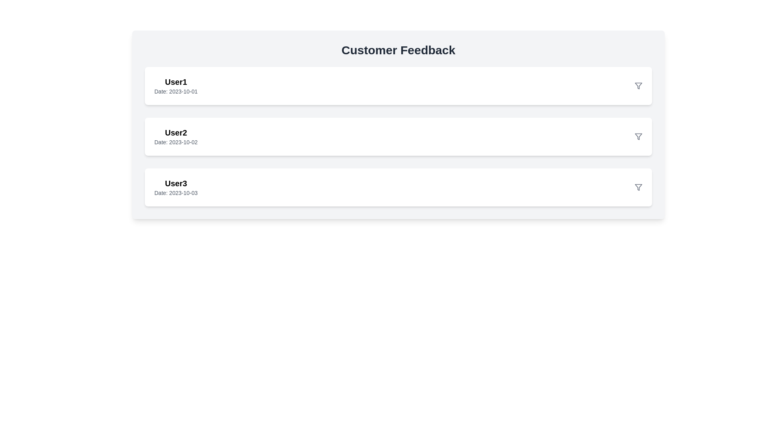 Image resolution: width=762 pixels, height=428 pixels. What do you see at coordinates (638, 187) in the screenshot?
I see `the filter icon in the top-right corner of the user 'User3' details section to initiate filtering` at bounding box center [638, 187].